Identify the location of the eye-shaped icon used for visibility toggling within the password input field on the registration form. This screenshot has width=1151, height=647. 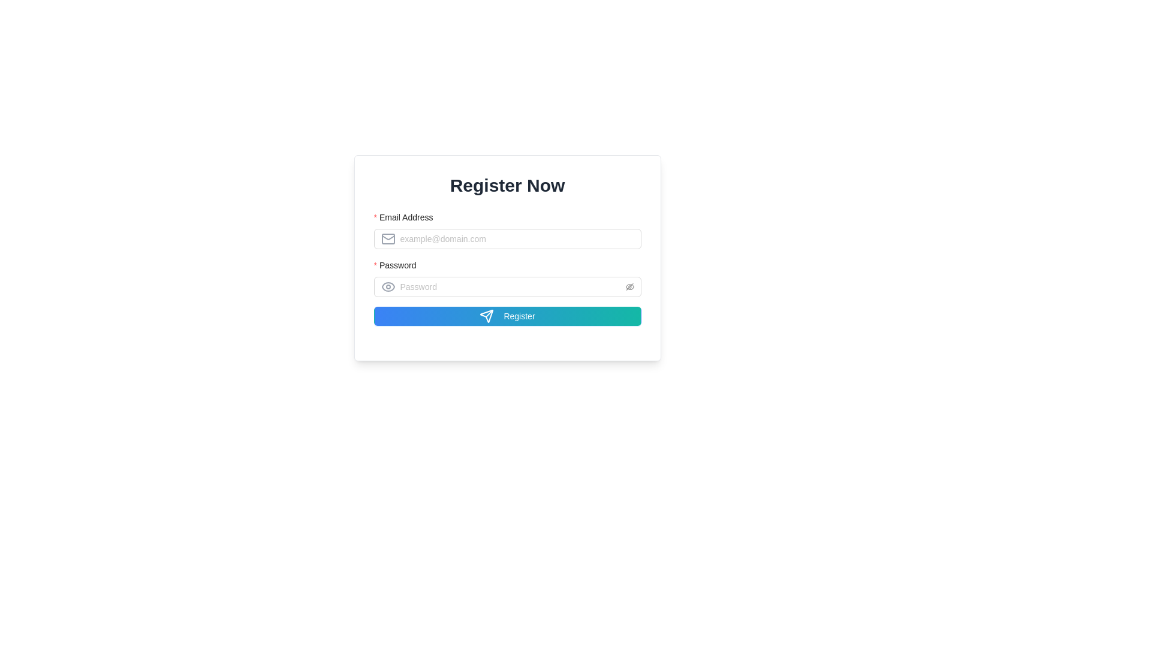
(389, 286).